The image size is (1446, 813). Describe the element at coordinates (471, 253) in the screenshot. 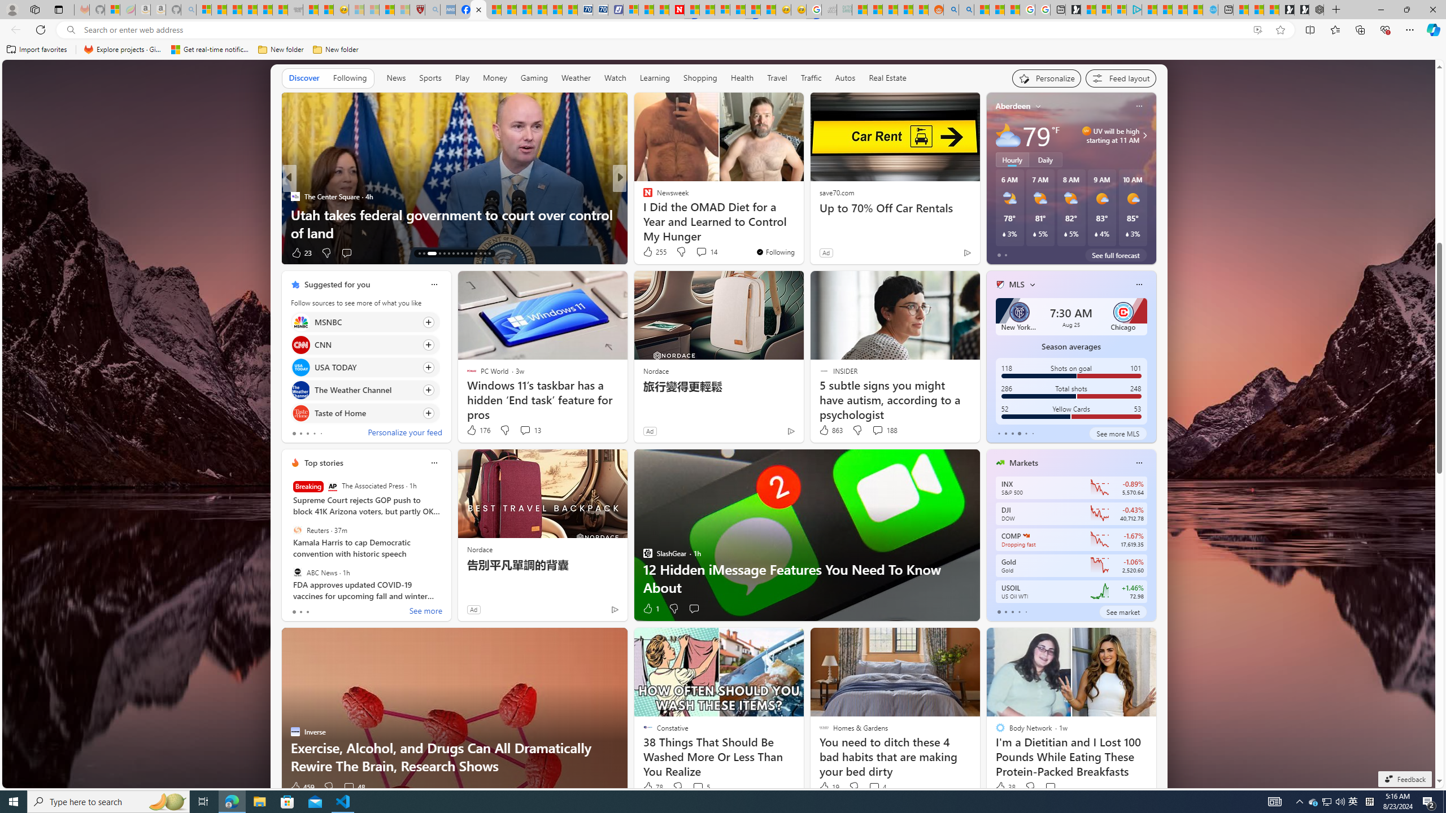

I see `'AutomationID: tab-76'` at that location.